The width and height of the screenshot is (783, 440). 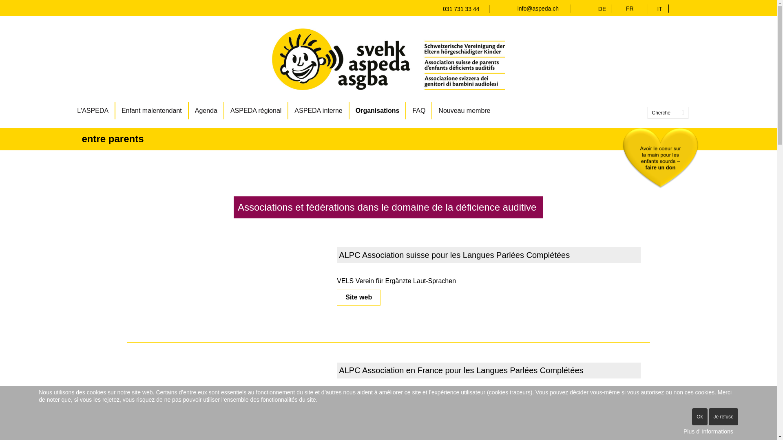 I want to click on 'FAQ', so click(x=419, y=111).